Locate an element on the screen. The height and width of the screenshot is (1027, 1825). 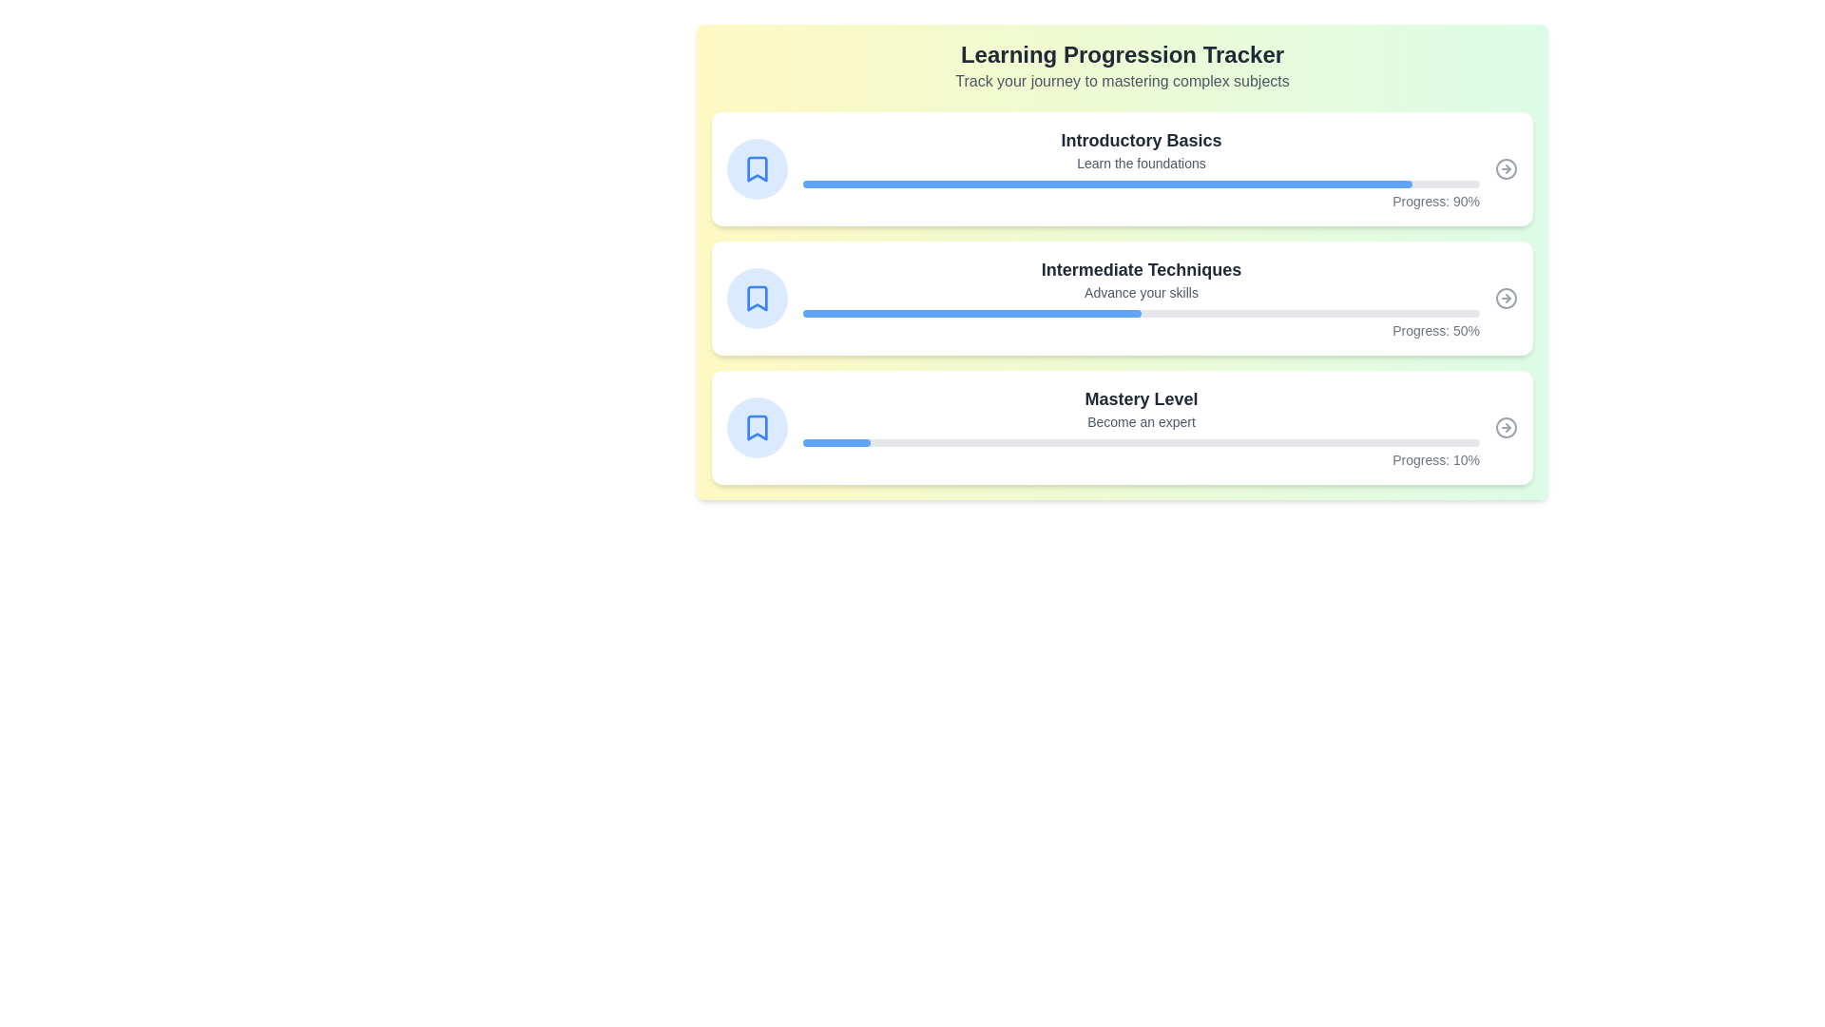
the prominent text label 'Mastery Level' which is styled in bold and dark gray, positioned at the top of the progress tracking section is located at coordinates (1141, 398).